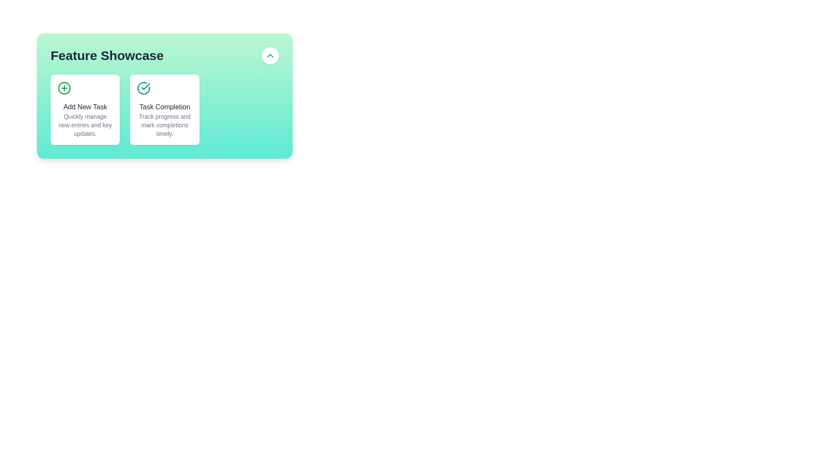  Describe the element at coordinates (144, 88) in the screenshot. I see `the leading circular checkmark icon representing task completion, located to the right of the 'Add New Task' card within the 'Feature Showcase' section` at that location.